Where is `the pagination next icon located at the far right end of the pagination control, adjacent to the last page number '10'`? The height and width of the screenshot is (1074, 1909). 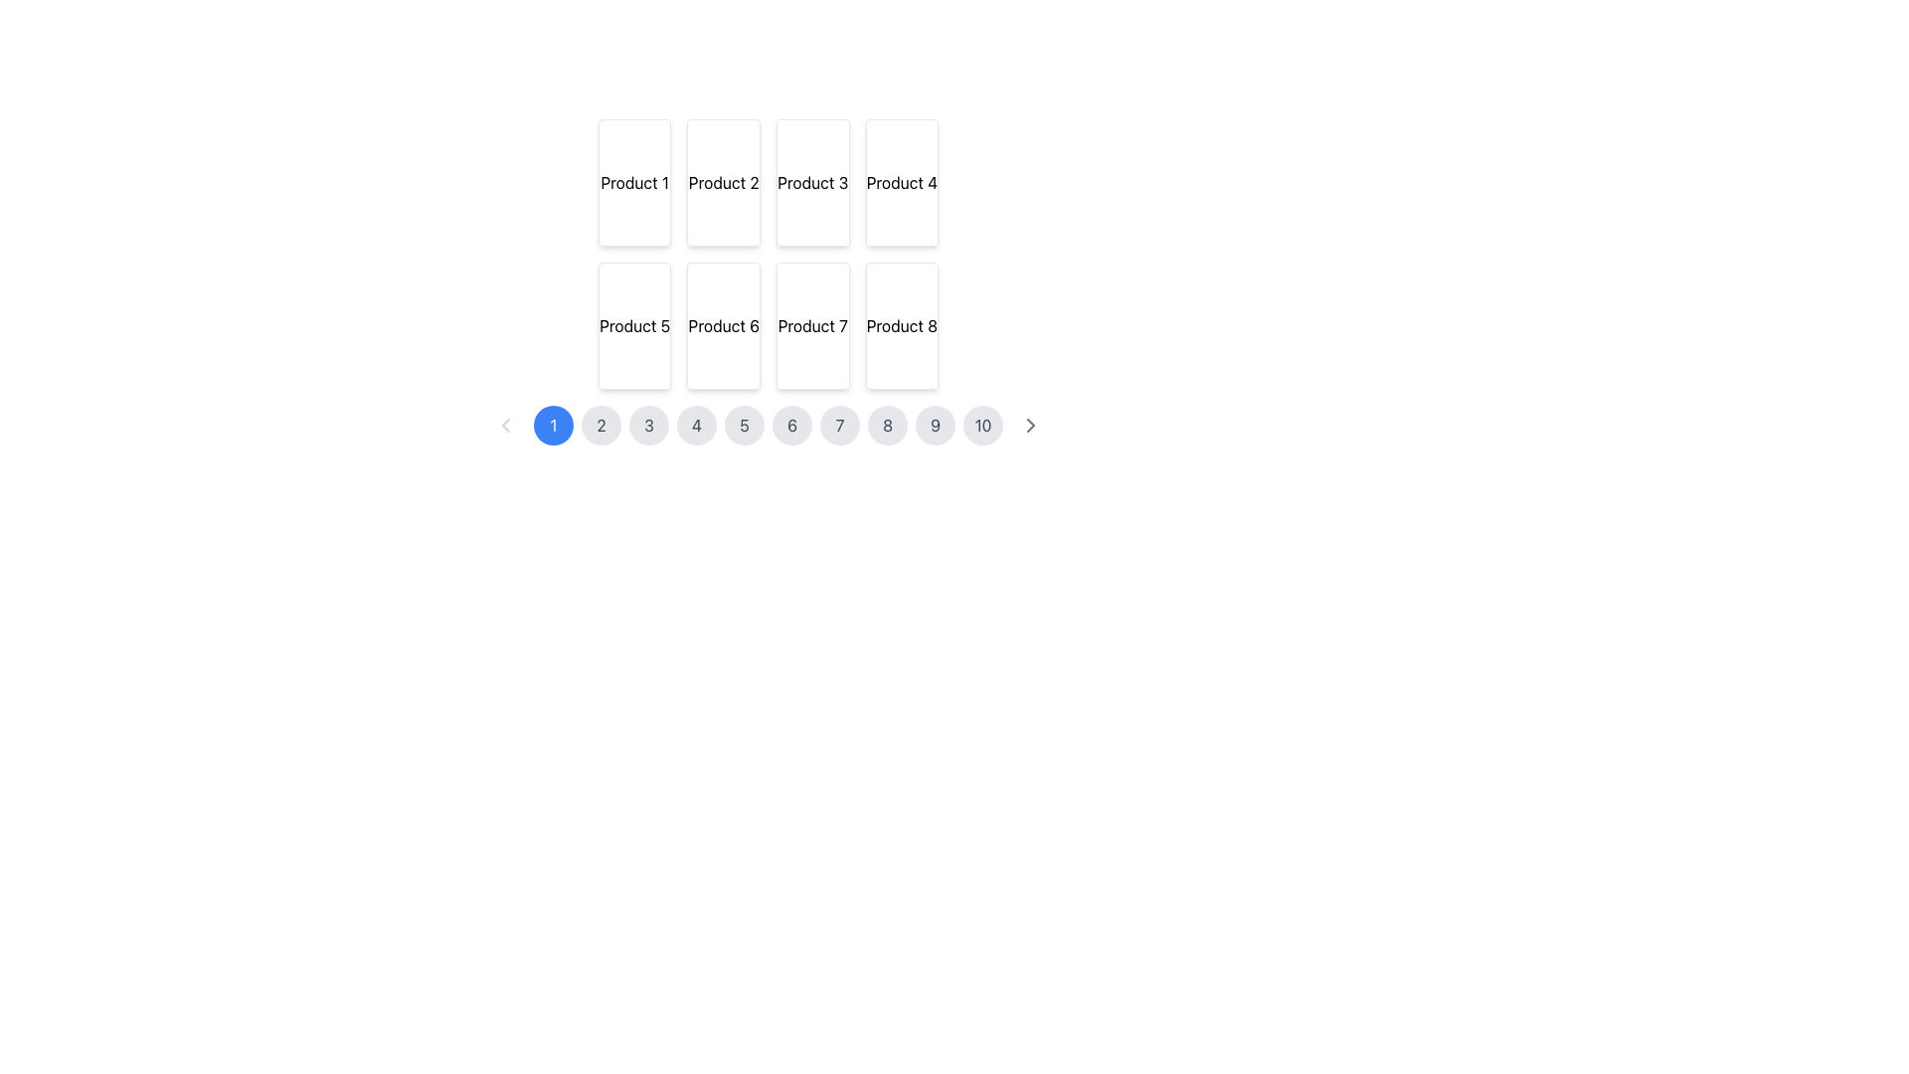 the pagination next icon located at the far right end of the pagination control, adjacent to the last page number '10' is located at coordinates (1030, 425).